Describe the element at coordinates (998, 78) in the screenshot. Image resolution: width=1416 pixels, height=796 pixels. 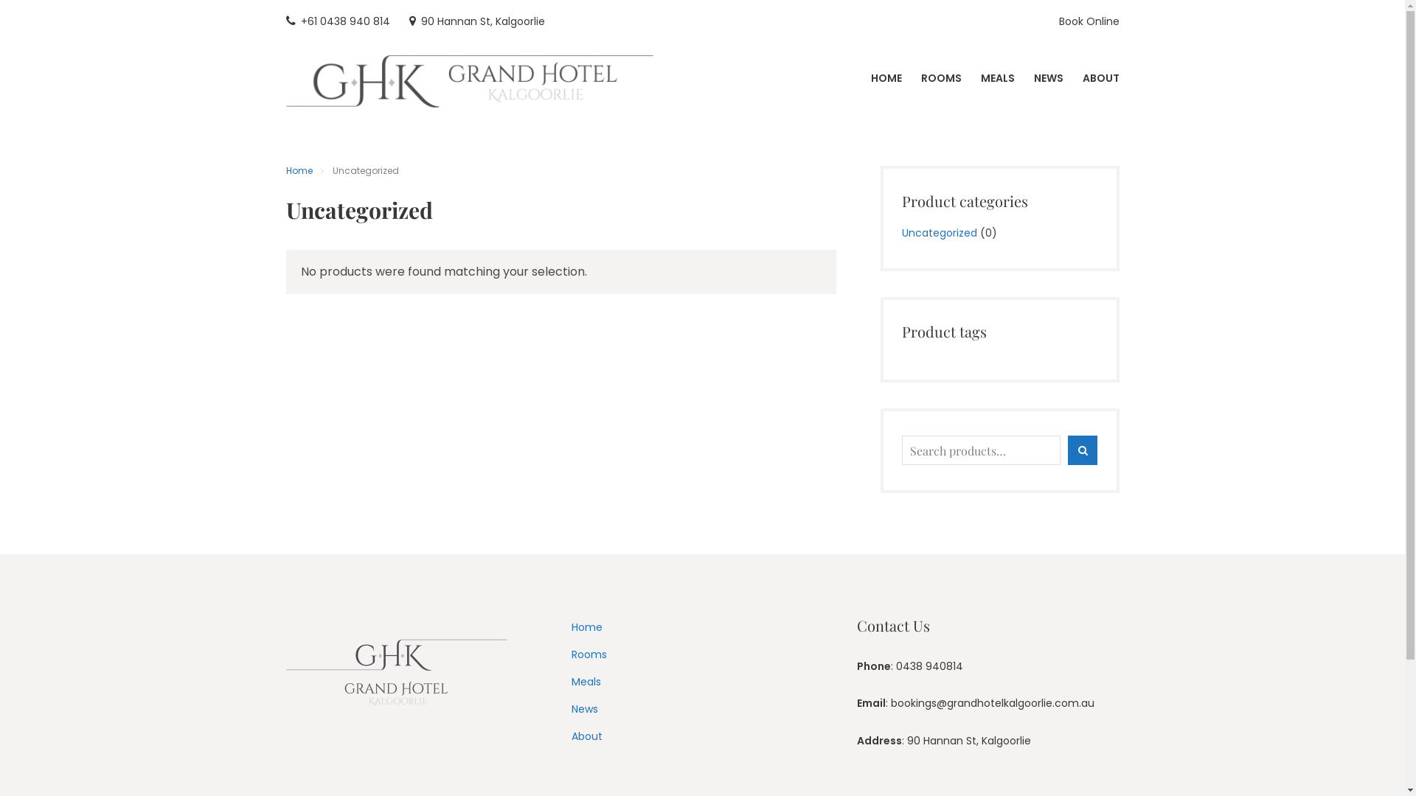
I see `'MEALS'` at that location.